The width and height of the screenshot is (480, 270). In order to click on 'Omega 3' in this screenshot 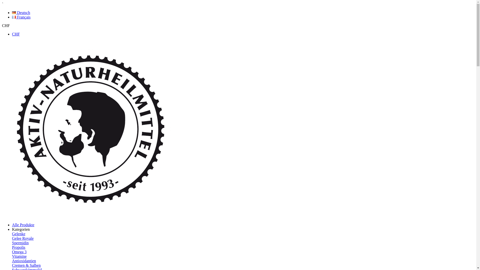, I will do `click(19, 252)`.